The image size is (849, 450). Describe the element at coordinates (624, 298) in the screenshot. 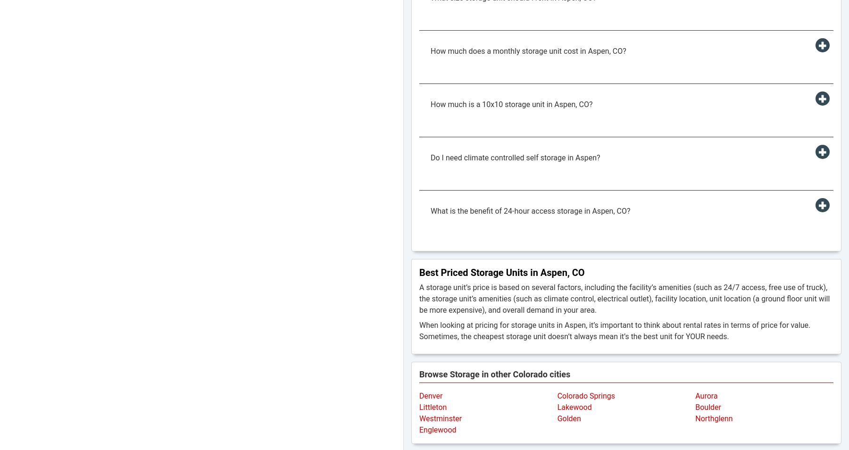

I see `'A storage unit’s price is based on several factors, including the facility’s amenities (such as 24/7 access, free use of truck), the storage unit’s amenities (such as climate control, electrical outlet), facility location, unit location (a ground floor unit will be more expensive), and overall demand in your area.'` at that location.